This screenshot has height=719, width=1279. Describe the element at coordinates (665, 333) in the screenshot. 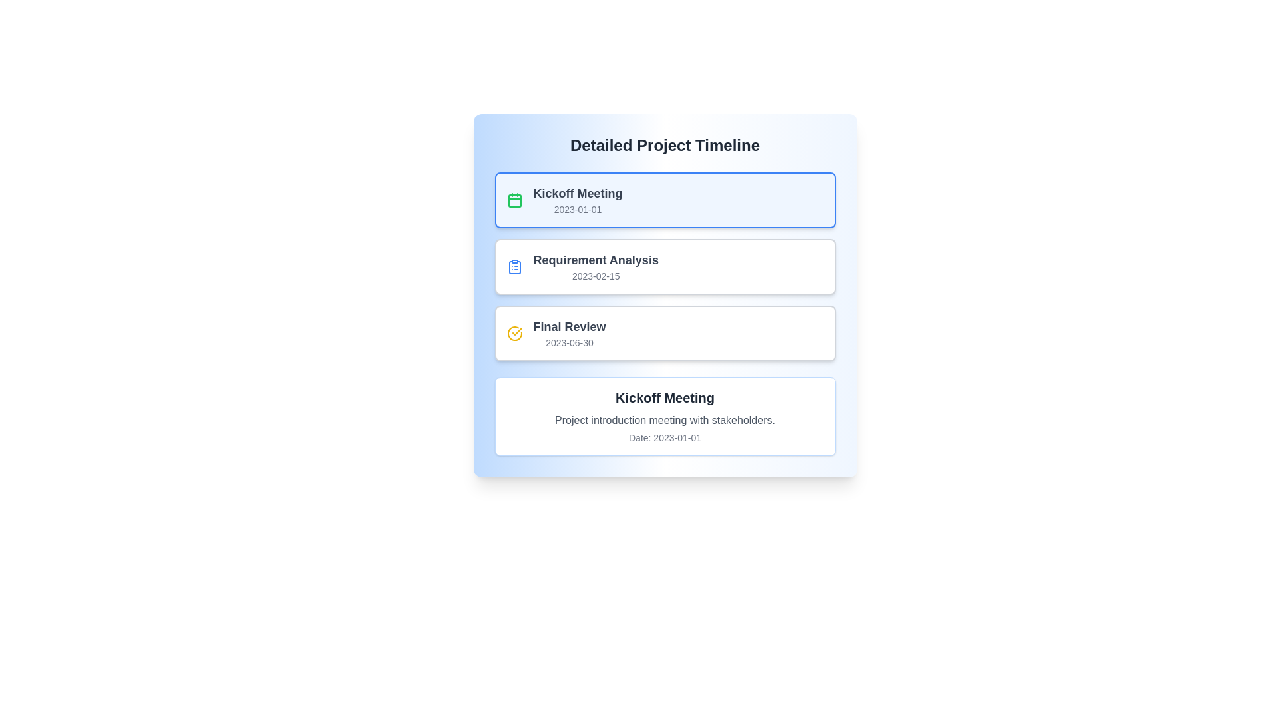

I see `the 'Final Review' card, which is the third card in the vertical stack` at that location.